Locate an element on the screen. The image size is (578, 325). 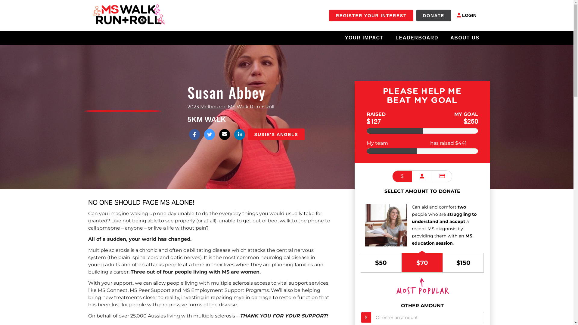
'SUSIE'S ANGELS' is located at coordinates (275, 134).